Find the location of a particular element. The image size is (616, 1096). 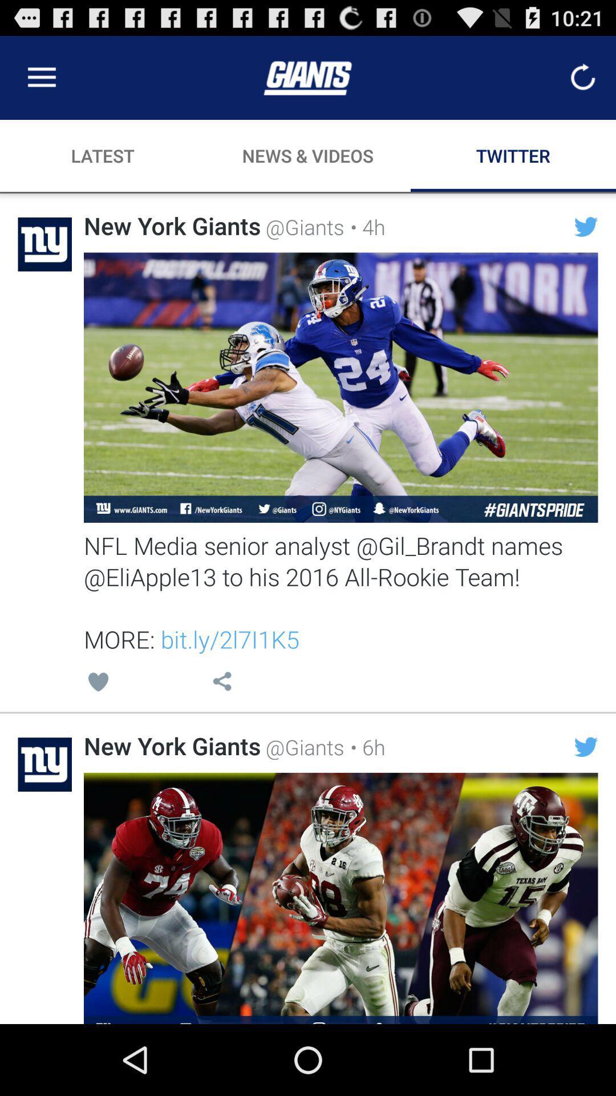

item next to @giants item is located at coordinates (364, 227).